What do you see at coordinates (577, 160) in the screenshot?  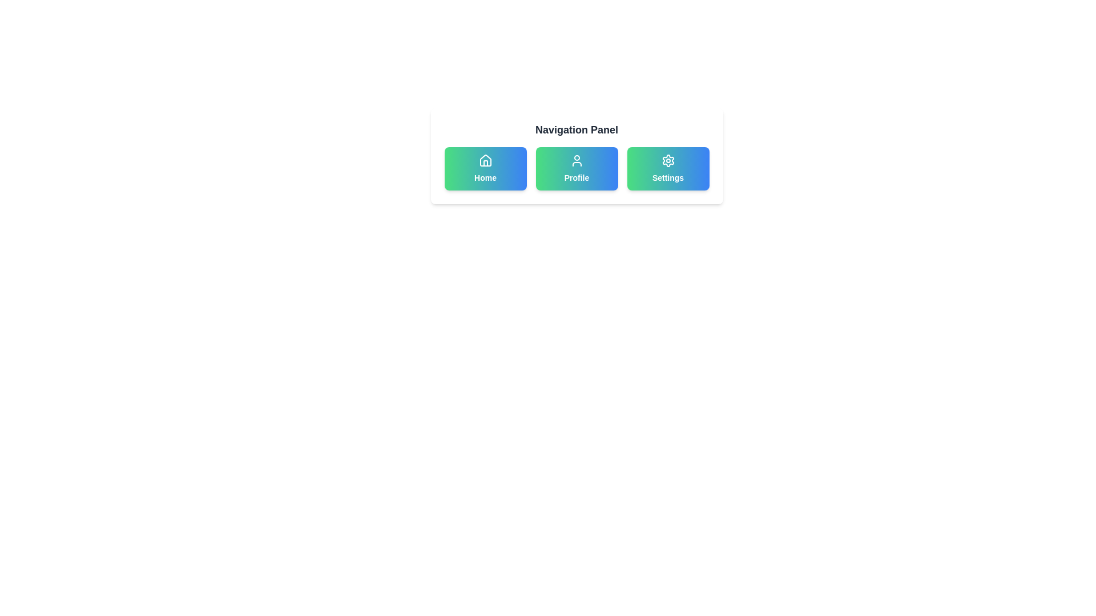 I see `the 'Profile' icon in the navigation panel, which is located between the 'Home' and 'Settings' buttons` at bounding box center [577, 160].